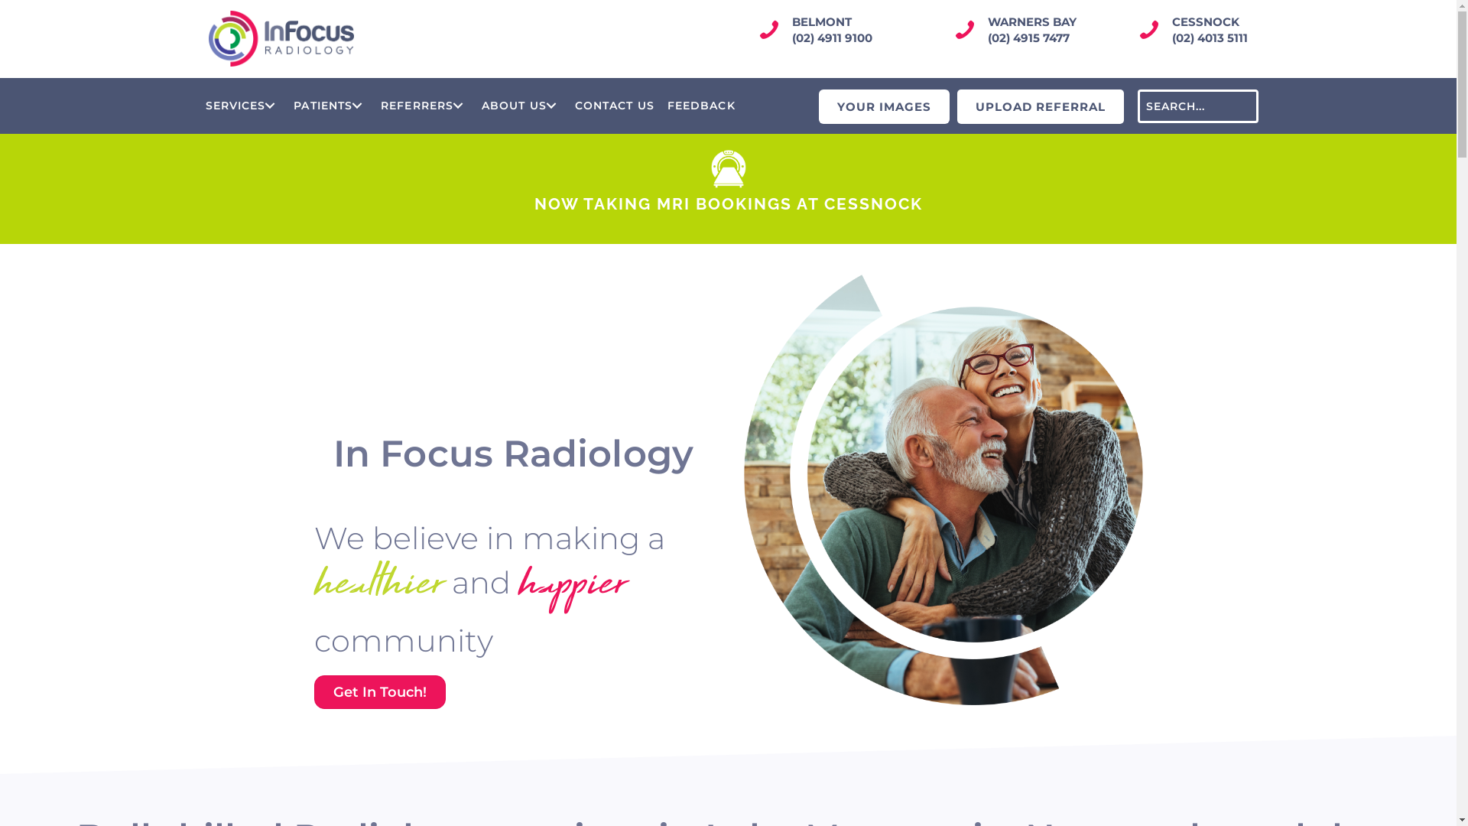  What do you see at coordinates (884, 106) in the screenshot?
I see `'YOUR IMAGES'` at bounding box center [884, 106].